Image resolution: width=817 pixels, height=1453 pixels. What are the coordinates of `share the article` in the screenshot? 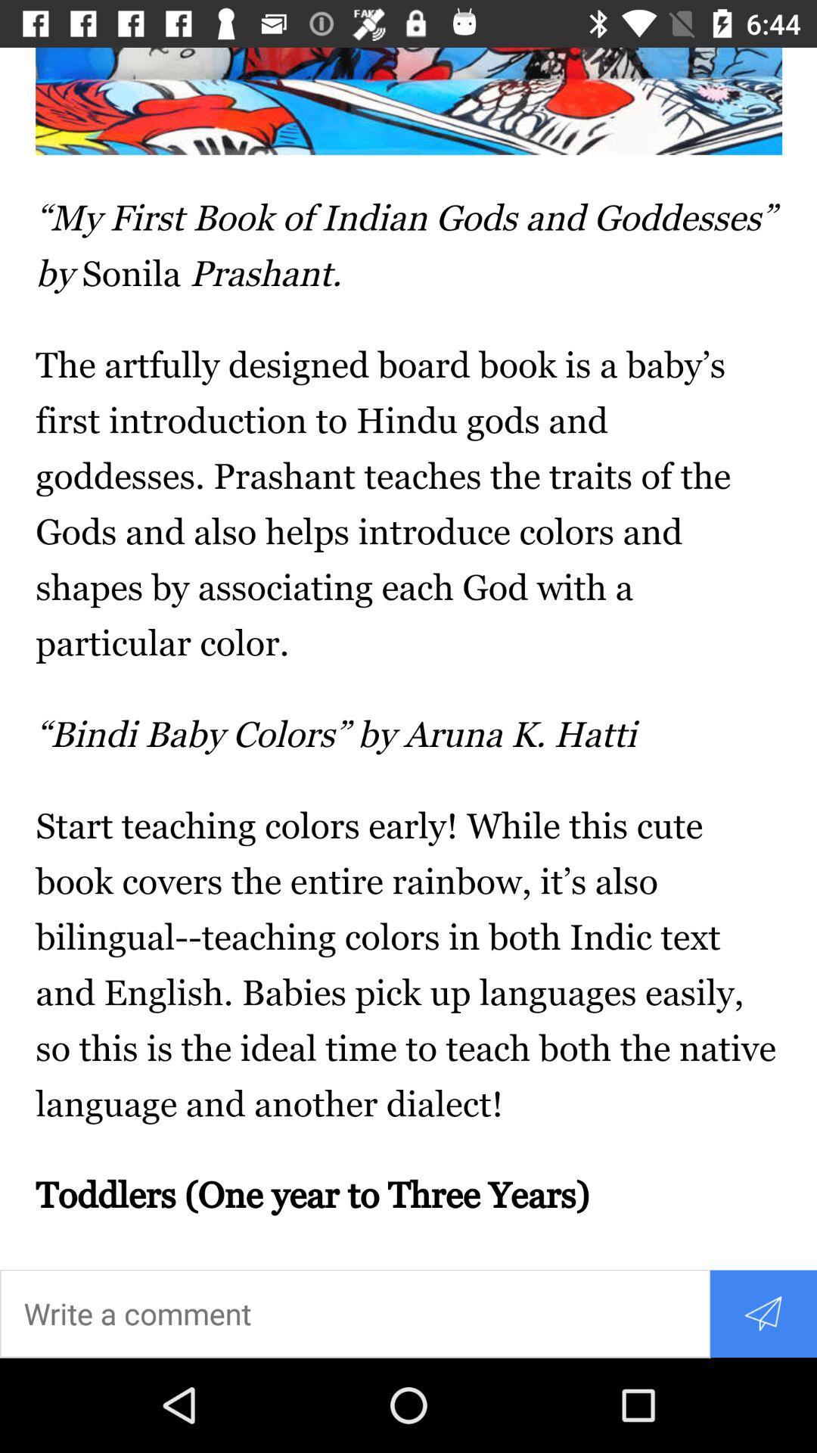 It's located at (763, 1312).